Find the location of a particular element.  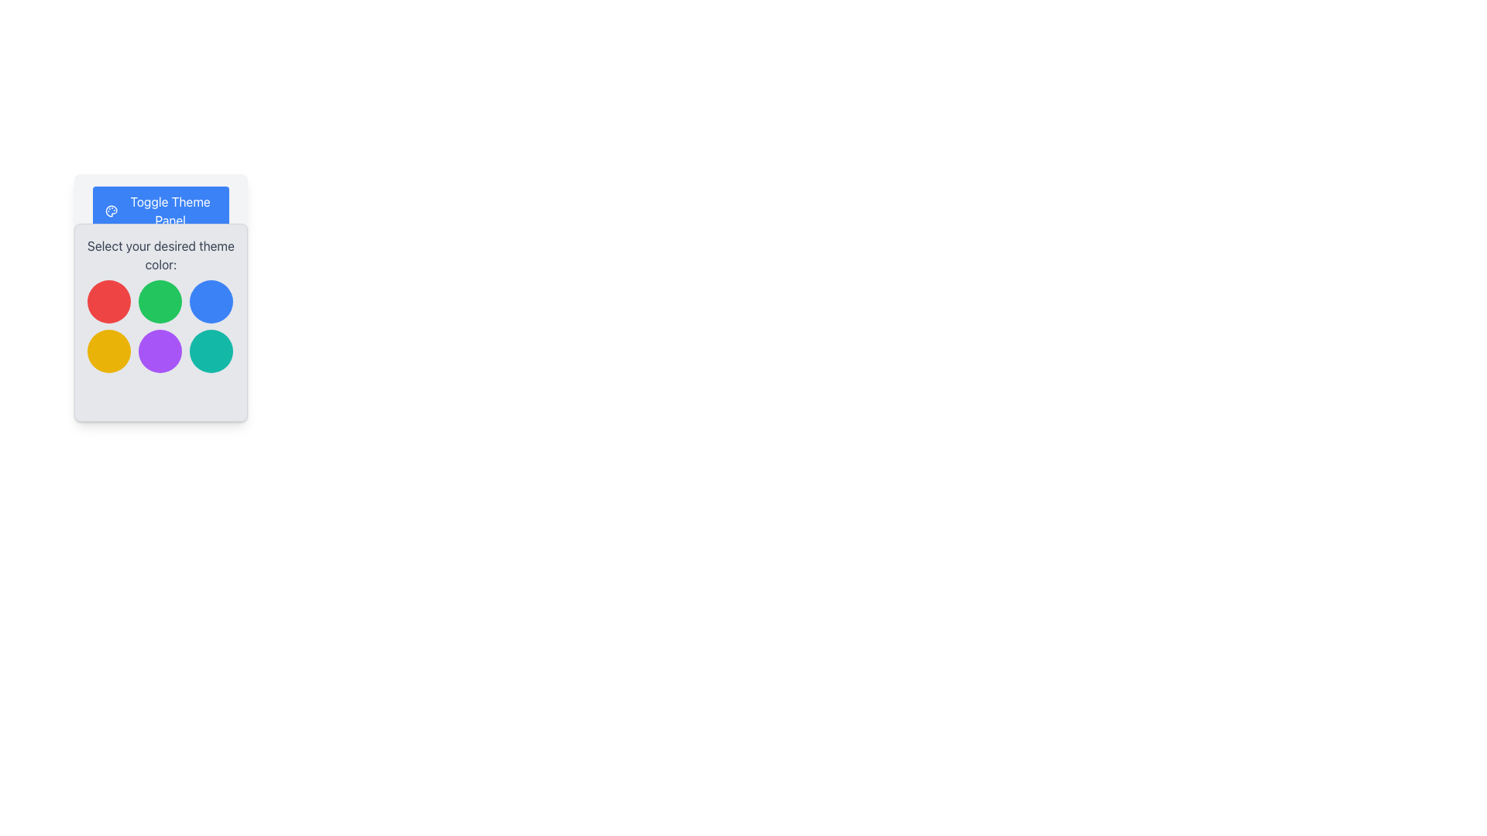

the first button in the vertically aligned card is located at coordinates (160, 211).